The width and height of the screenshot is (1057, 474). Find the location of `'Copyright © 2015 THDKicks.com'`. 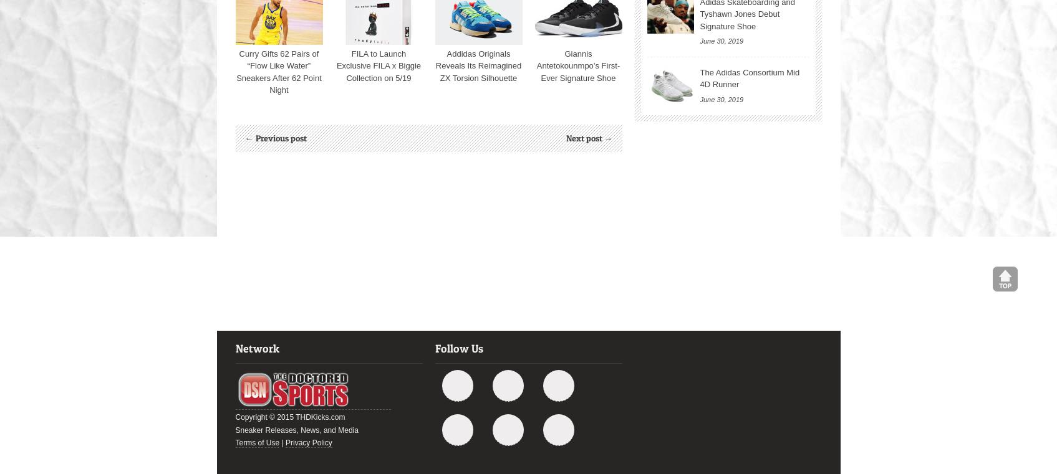

'Copyright © 2015 THDKicks.com' is located at coordinates (289, 416).